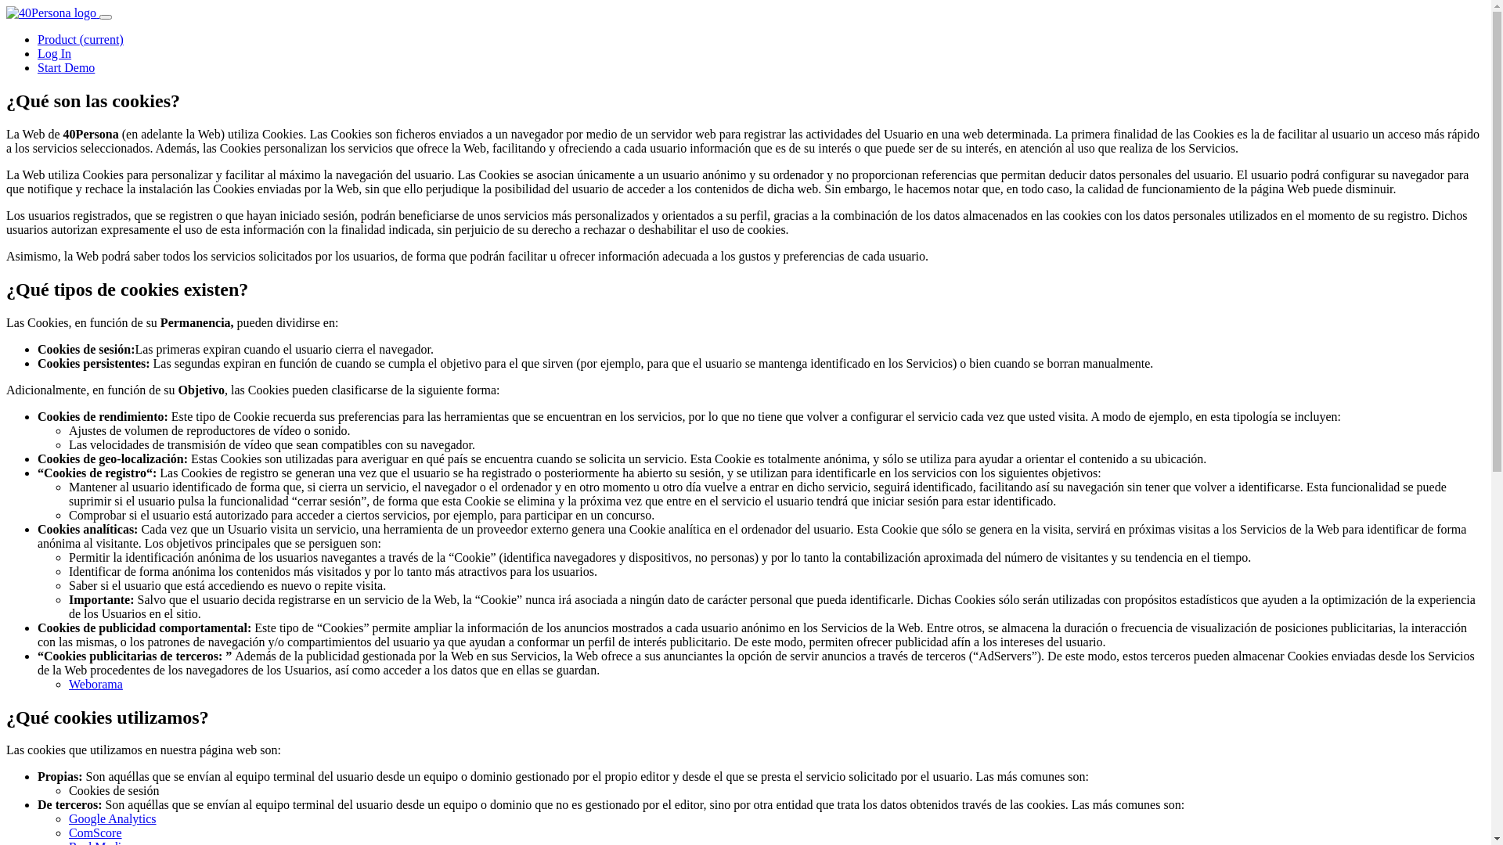 This screenshot has width=1503, height=845. What do you see at coordinates (67, 683) in the screenshot?
I see `'Weborama'` at bounding box center [67, 683].